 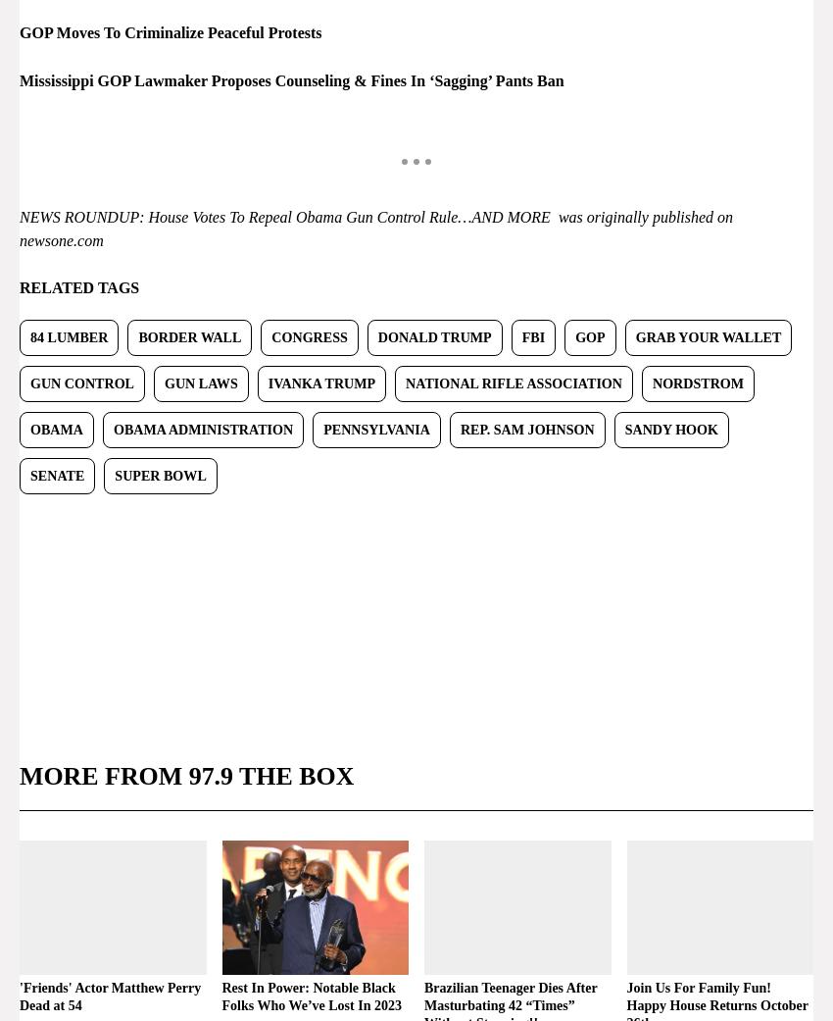 I want to click on 'Mississippi GOP Lawmaker Proposes Counseling & Fines In ‘Sagging’ Pants Ban', so click(x=290, y=78).